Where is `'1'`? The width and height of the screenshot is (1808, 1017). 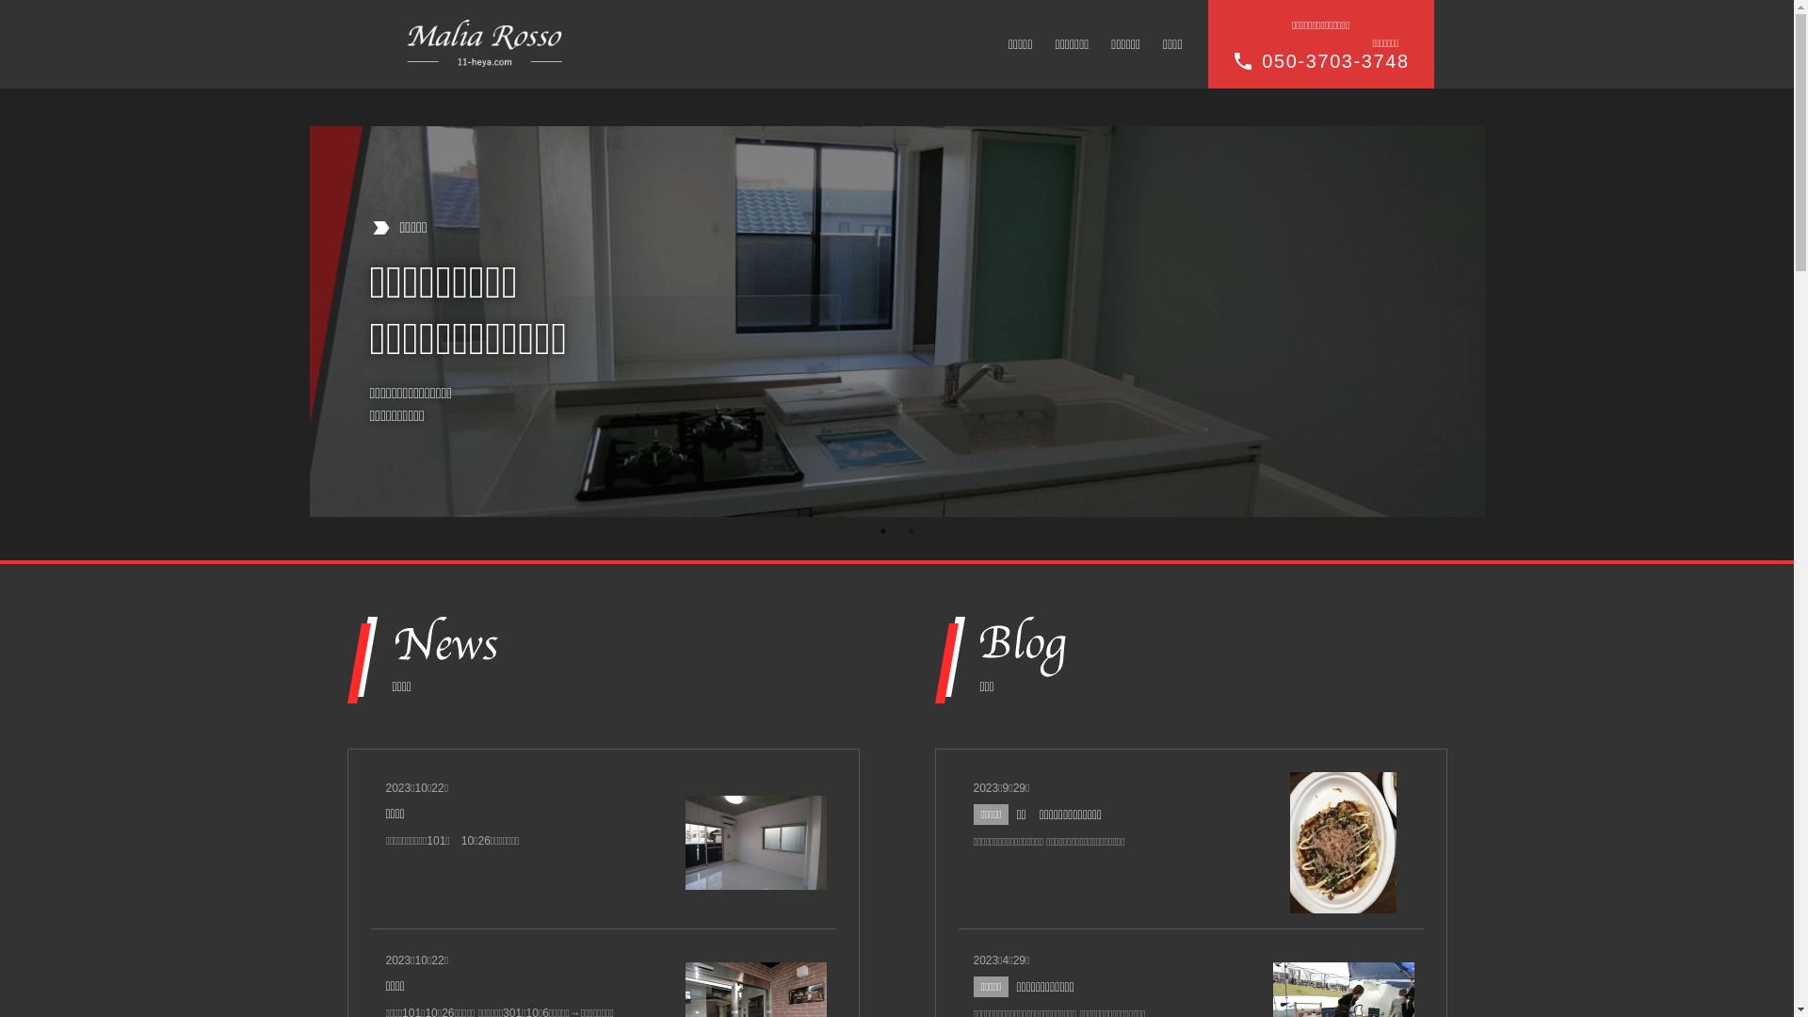
'1' is located at coordinates (881, 530).